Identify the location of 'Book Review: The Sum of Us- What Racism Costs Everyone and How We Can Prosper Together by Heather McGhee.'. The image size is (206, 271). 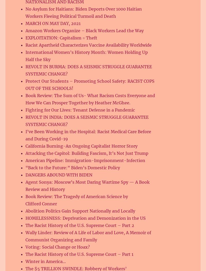
(90, 99).